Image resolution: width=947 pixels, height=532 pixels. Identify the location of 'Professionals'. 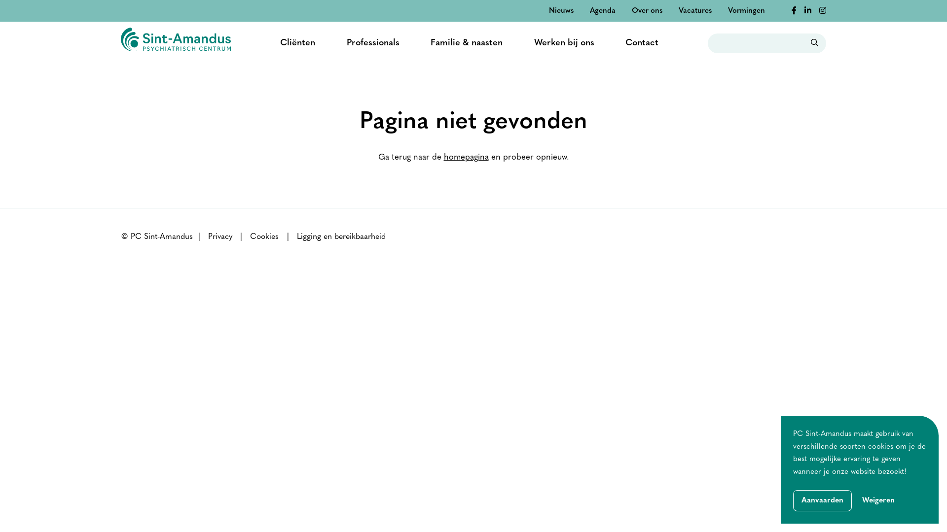
(372, 43).